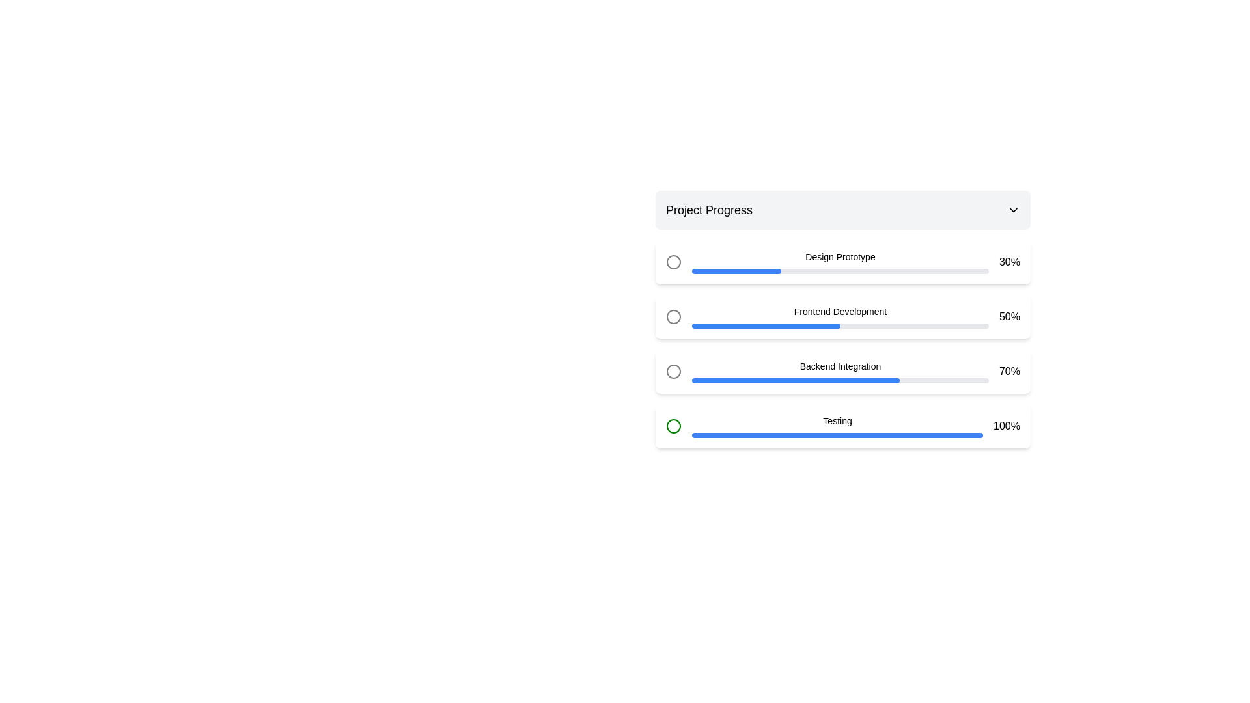 The width and height of the screenshot is (1250, 703). What do you see at coordinates (837, 435) in the screenshot?
I see `the horizontal progress bar located in the 'Testing' section, which is the only progress bar associated with that label and appears directly below it` at bounding box center [837, 435].